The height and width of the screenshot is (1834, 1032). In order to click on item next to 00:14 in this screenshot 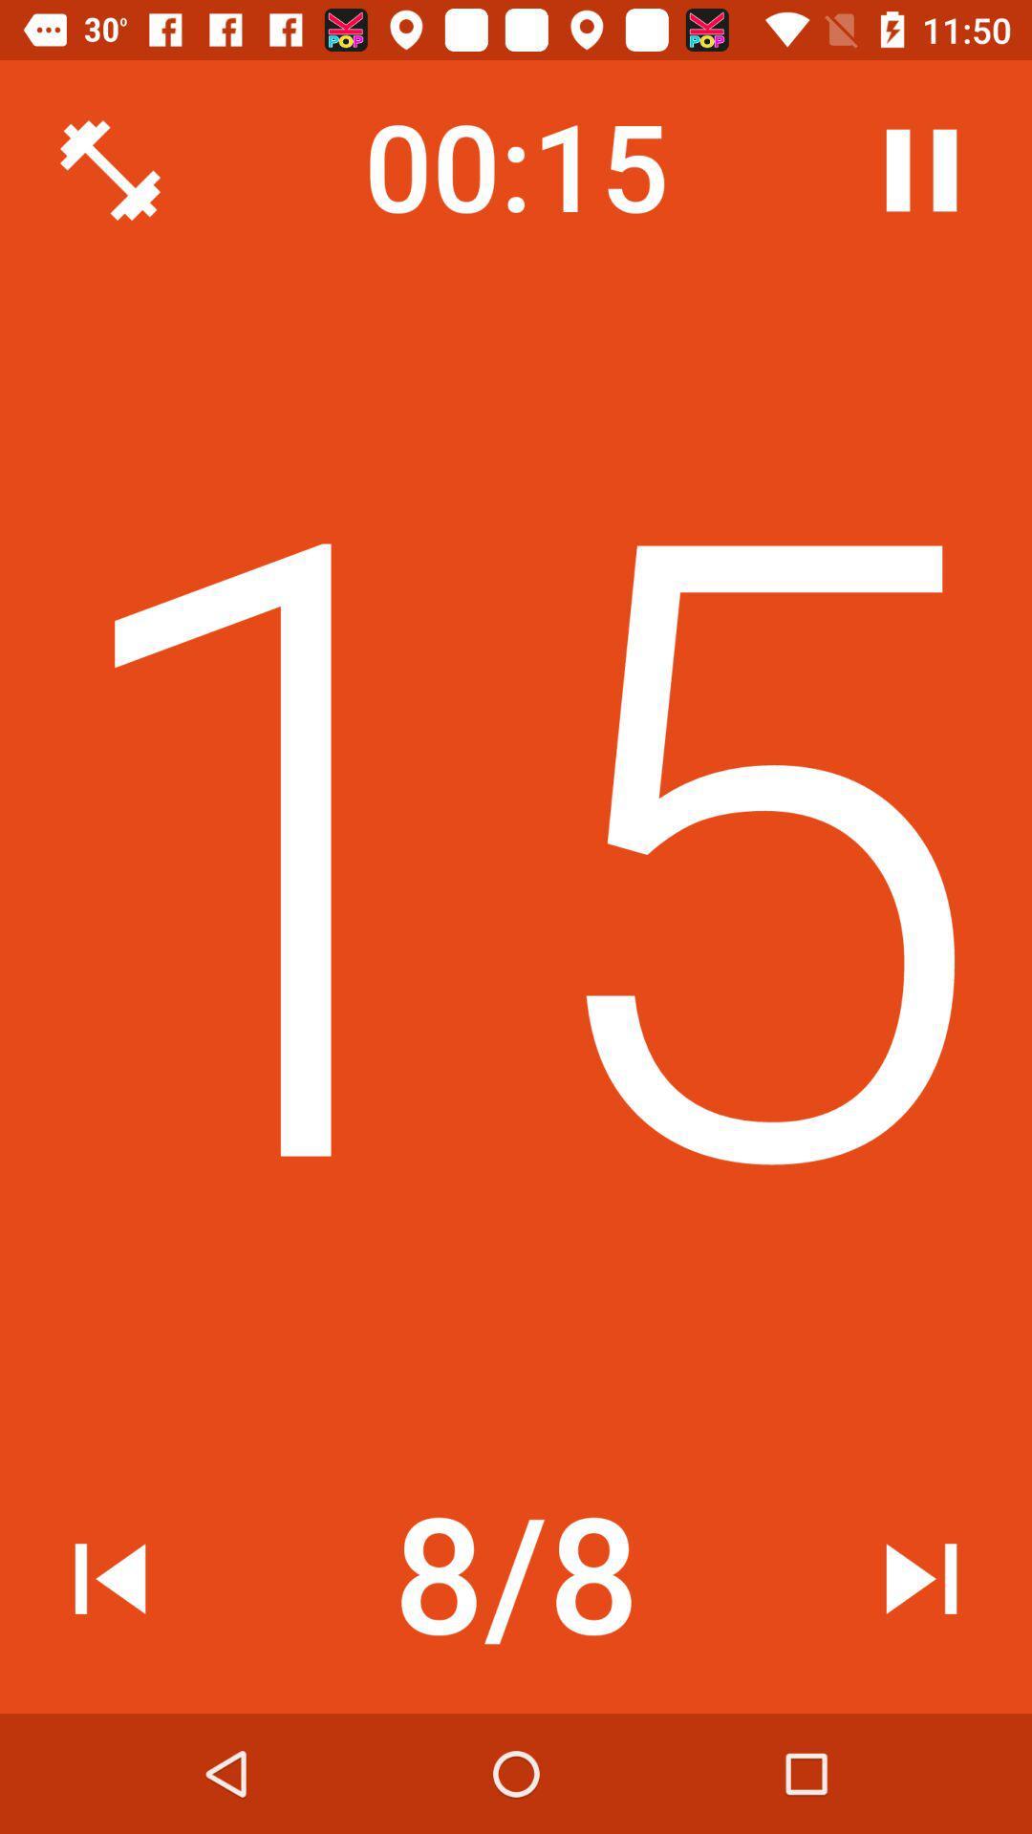, I will do `click(920, 170)`.